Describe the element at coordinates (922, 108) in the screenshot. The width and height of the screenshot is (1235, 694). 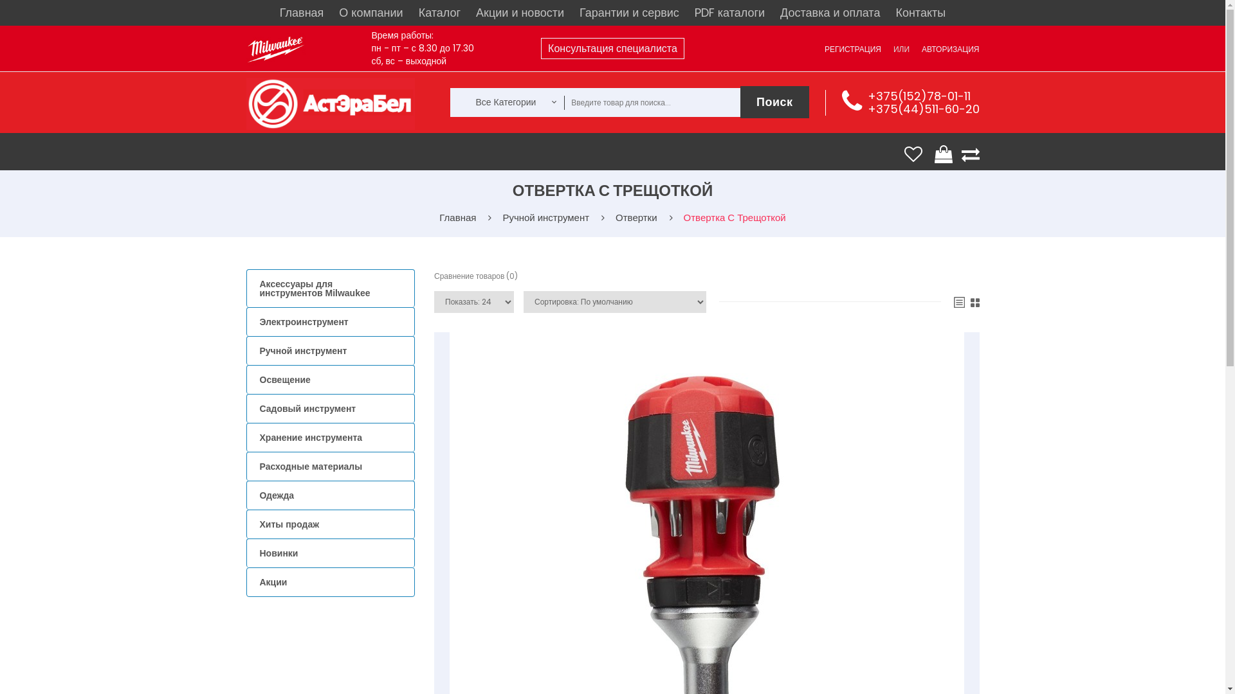
I see `'+375(44)511-60-20'` at that location.